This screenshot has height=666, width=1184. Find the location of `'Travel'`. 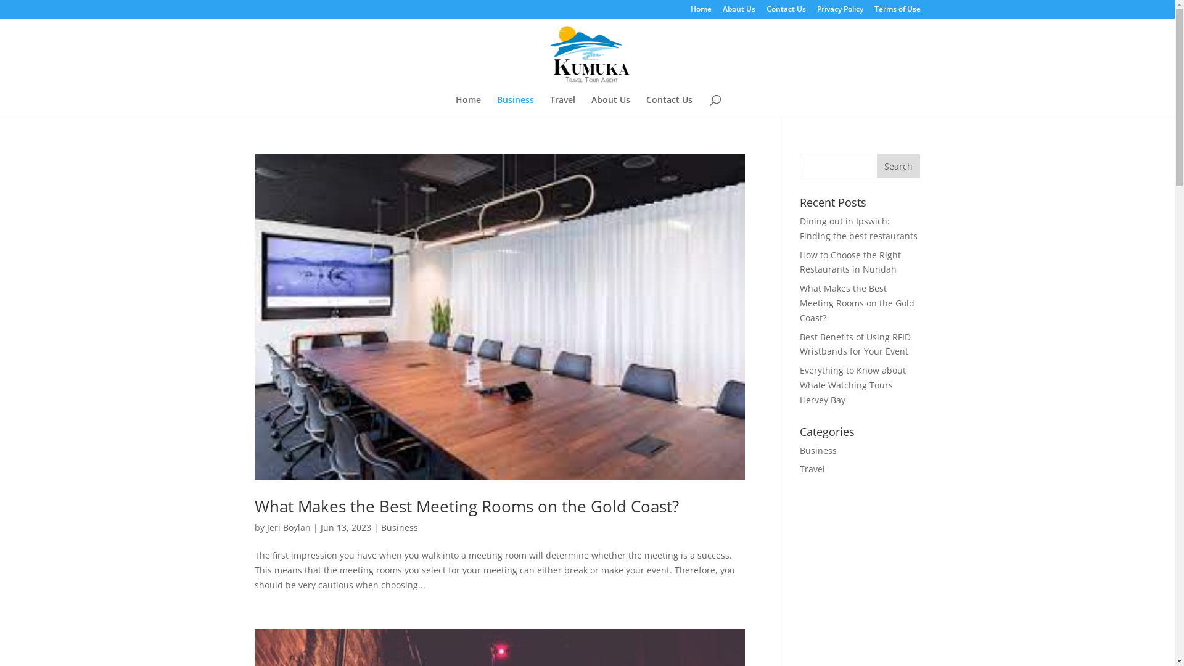

'Travel' is located at coordinates (812, 469).